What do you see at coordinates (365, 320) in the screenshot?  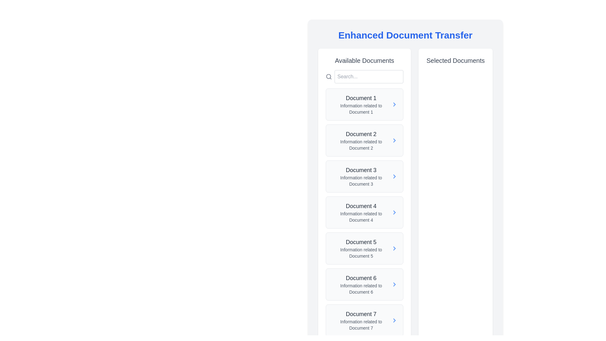 I see `the seventh list item in the document selection list` at bounding box center [365, 320].